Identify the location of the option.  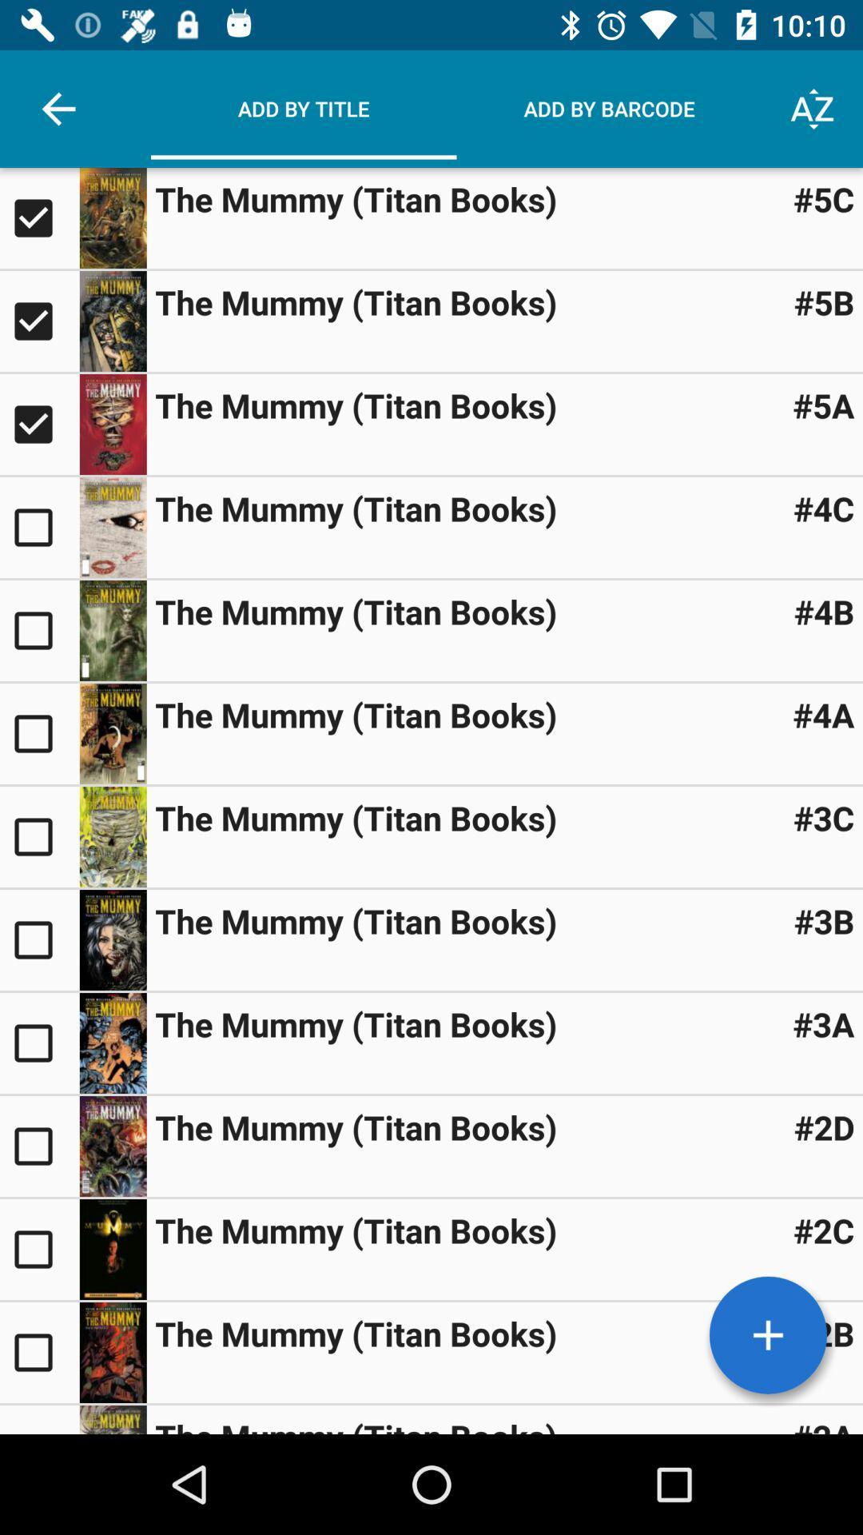
(38, 629).